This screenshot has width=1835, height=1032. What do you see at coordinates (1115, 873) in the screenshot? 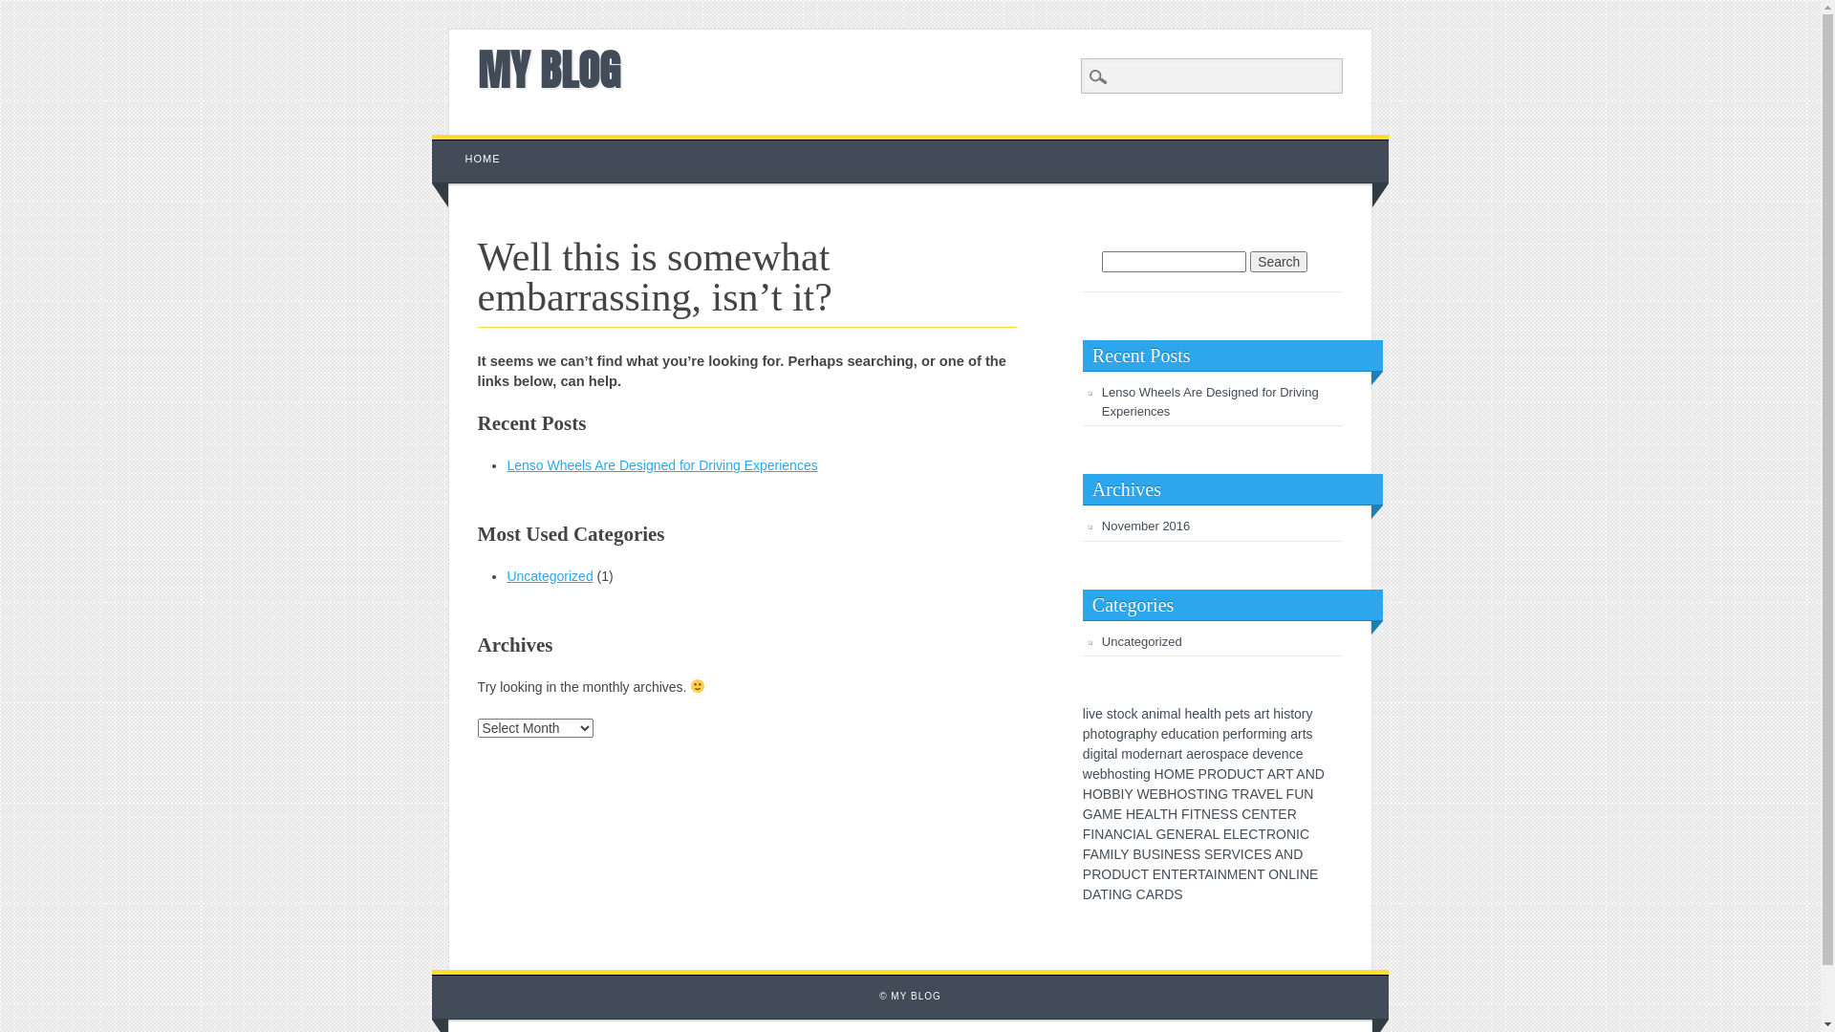
I see `'D'` at bounding box center [1115, 873].